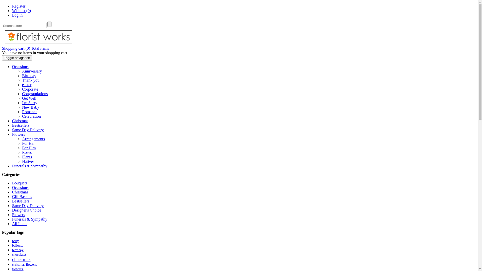 This screenshot has height=271, width=482. What do you see at coordinates (12, 245) in the screenshot?
I see `'ballons,'` at bounding box center [12, 245].